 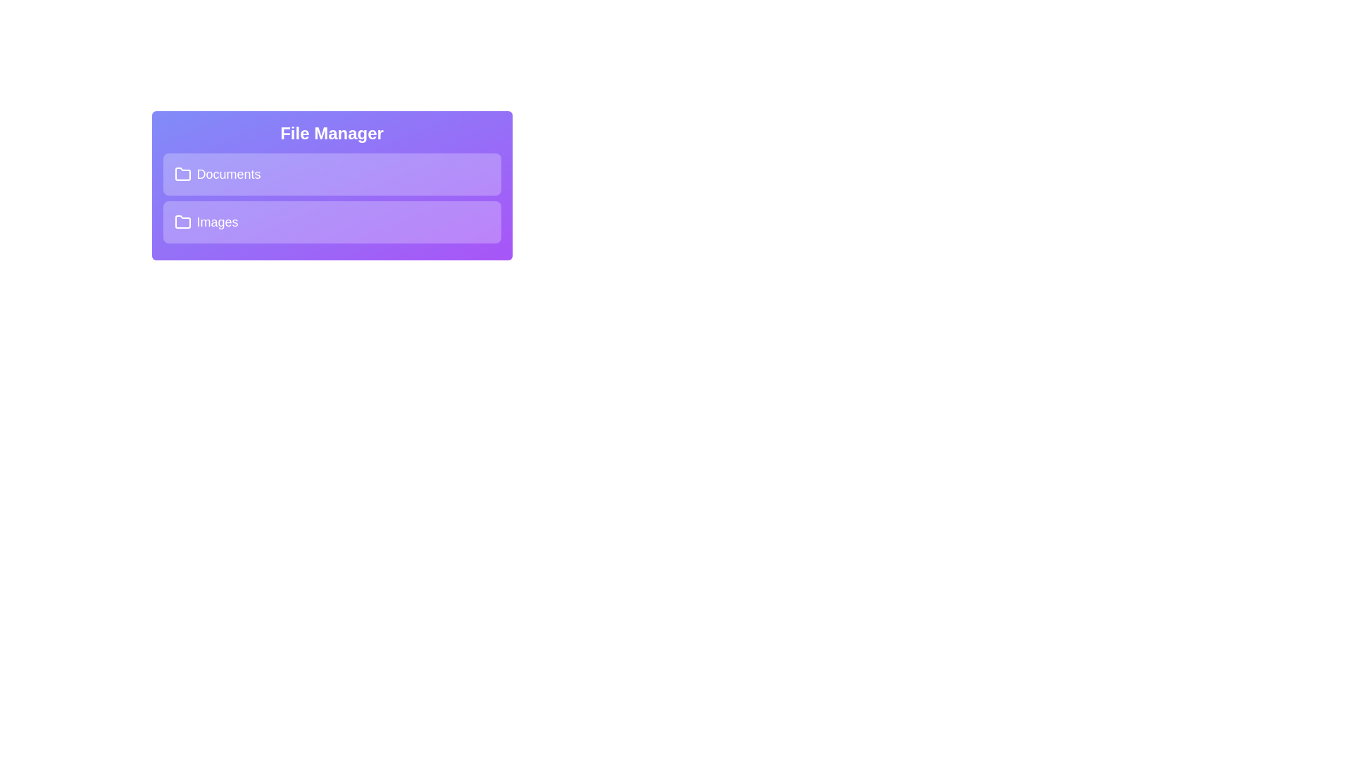 What do you see at coordinates (331, 222) in the screenshot?
I see `the folder name Images to display additional information` at bounding box center [331, 222].